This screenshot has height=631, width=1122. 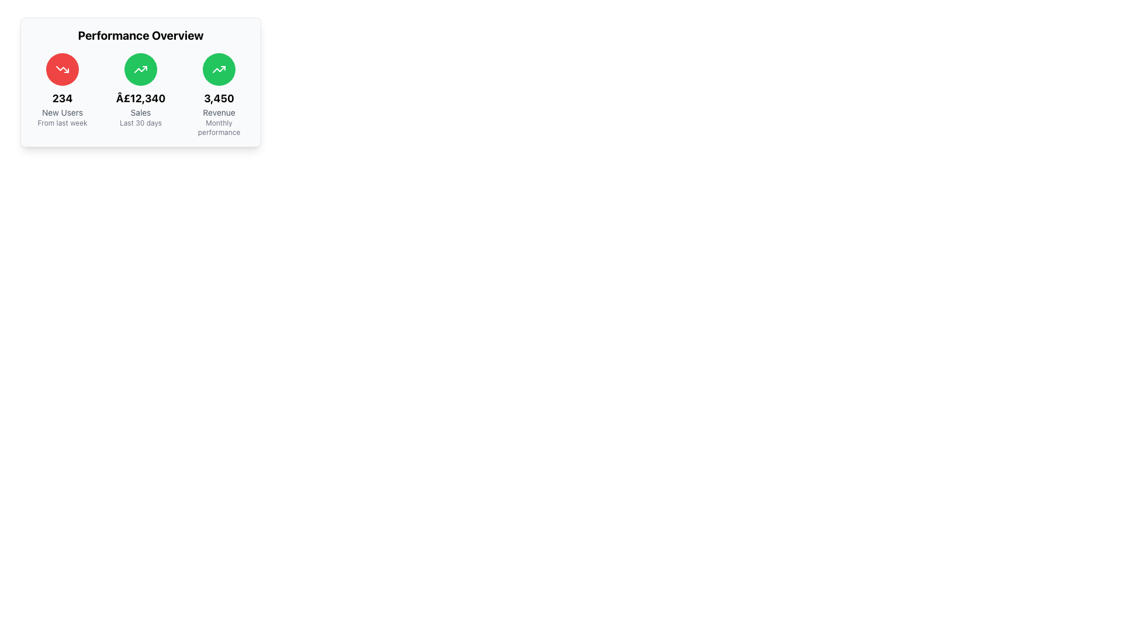 I want to click on the Informational Card that displays the count of new users (234) from last week, which is the first item in the Performance Overview section, so click(x=61, y=94).